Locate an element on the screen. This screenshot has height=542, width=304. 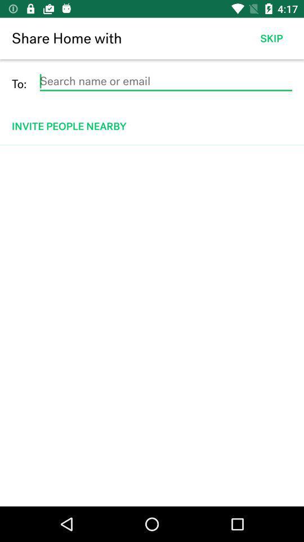
search text field is located at coordinates (165, 81).